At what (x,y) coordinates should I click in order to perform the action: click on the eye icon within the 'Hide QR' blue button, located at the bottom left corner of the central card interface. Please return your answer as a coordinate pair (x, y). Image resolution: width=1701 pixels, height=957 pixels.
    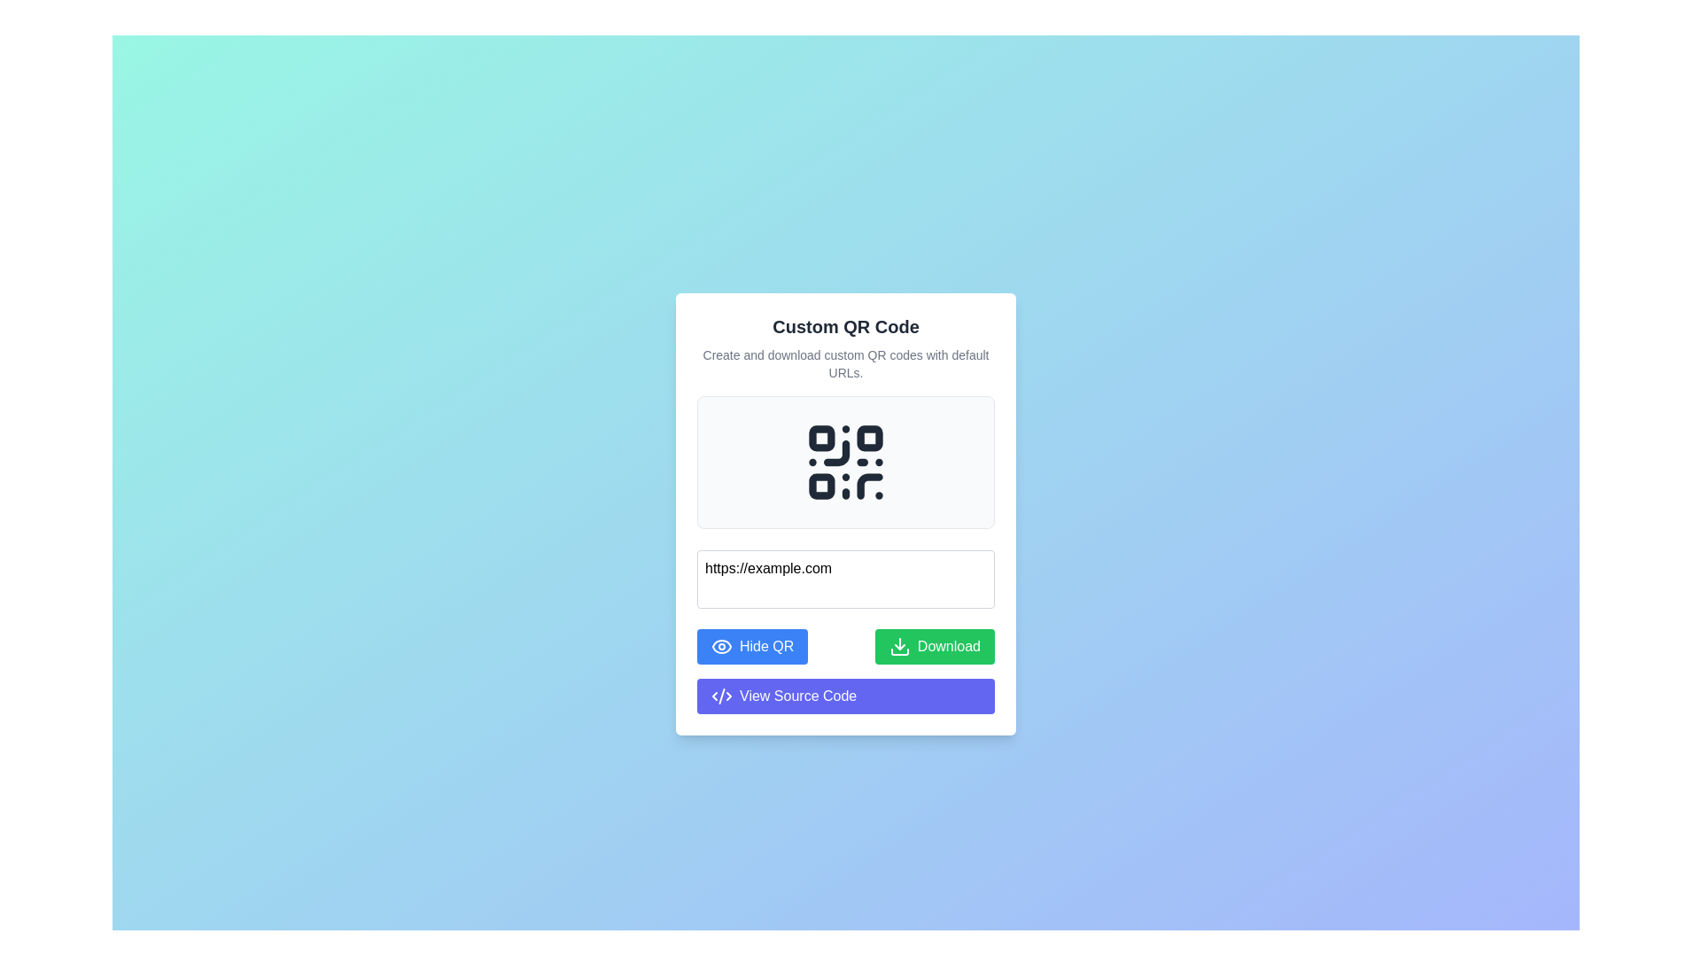
    Looking at the image, I should click on (722, 646).